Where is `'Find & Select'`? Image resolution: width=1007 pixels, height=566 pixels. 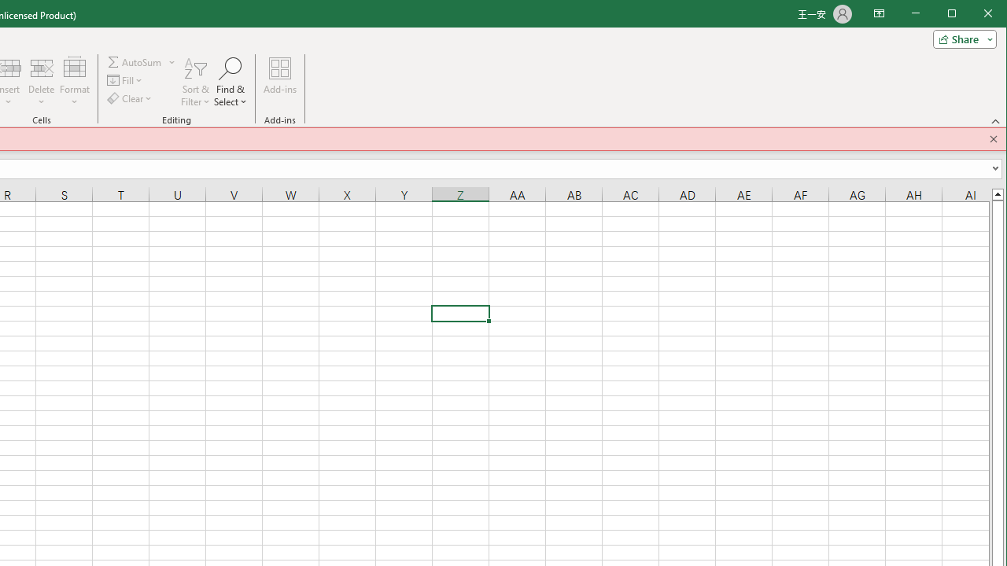
'Find & Select' is located at coordinates (230, 82).